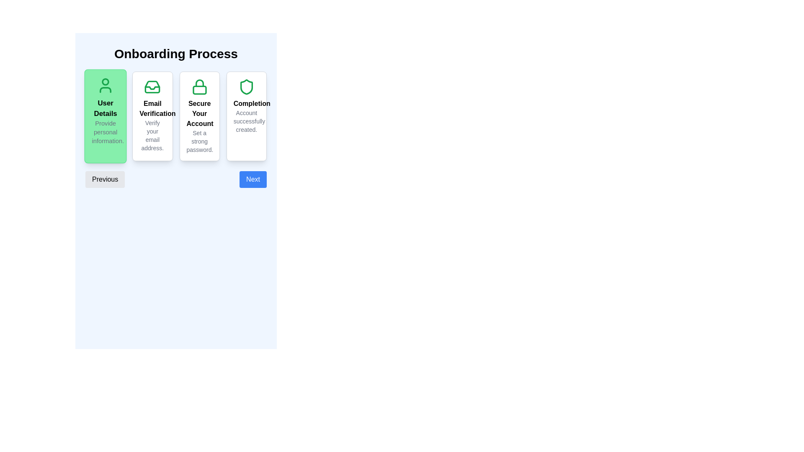 Image resolution: width=804 pixels, height=452 pixels. What do you see at coordinates (105, 108) in the screenshot?
I see `the first green-bordered card that contains the title for the first step in the onboarding process, which is positioned centrally below a user profile icon` at bounding box center [105, 108].